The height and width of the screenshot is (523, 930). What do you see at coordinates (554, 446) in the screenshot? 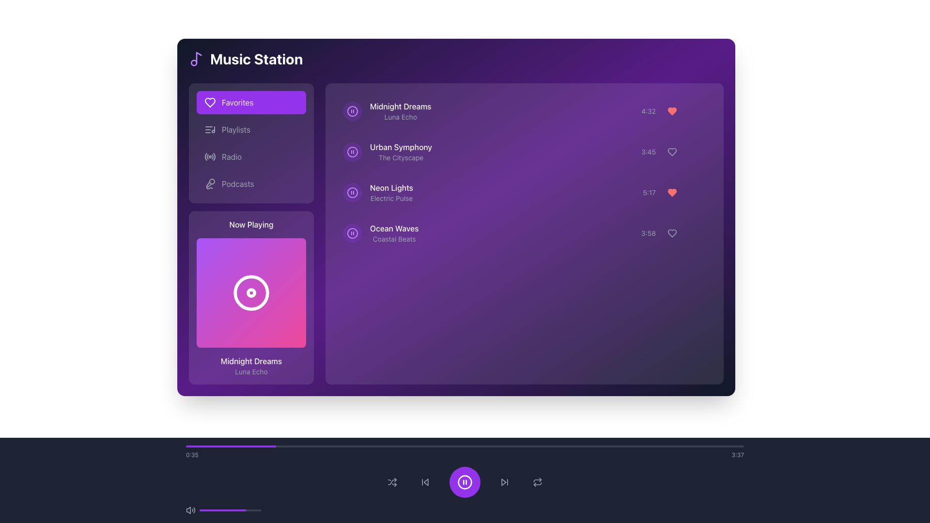
I see `playback position` at bounding box center [554, 446].